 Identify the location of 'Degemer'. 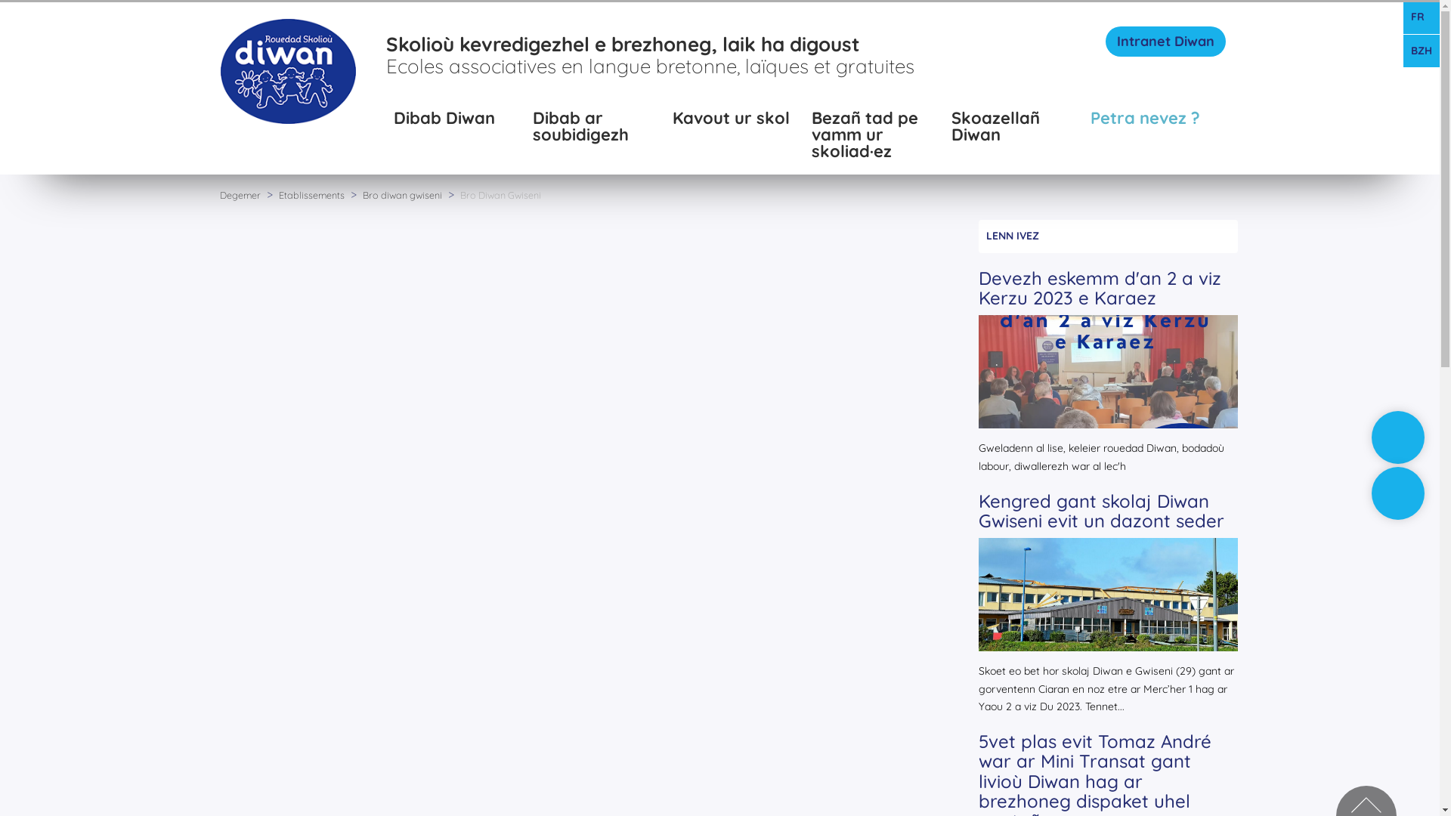
(218, 194).